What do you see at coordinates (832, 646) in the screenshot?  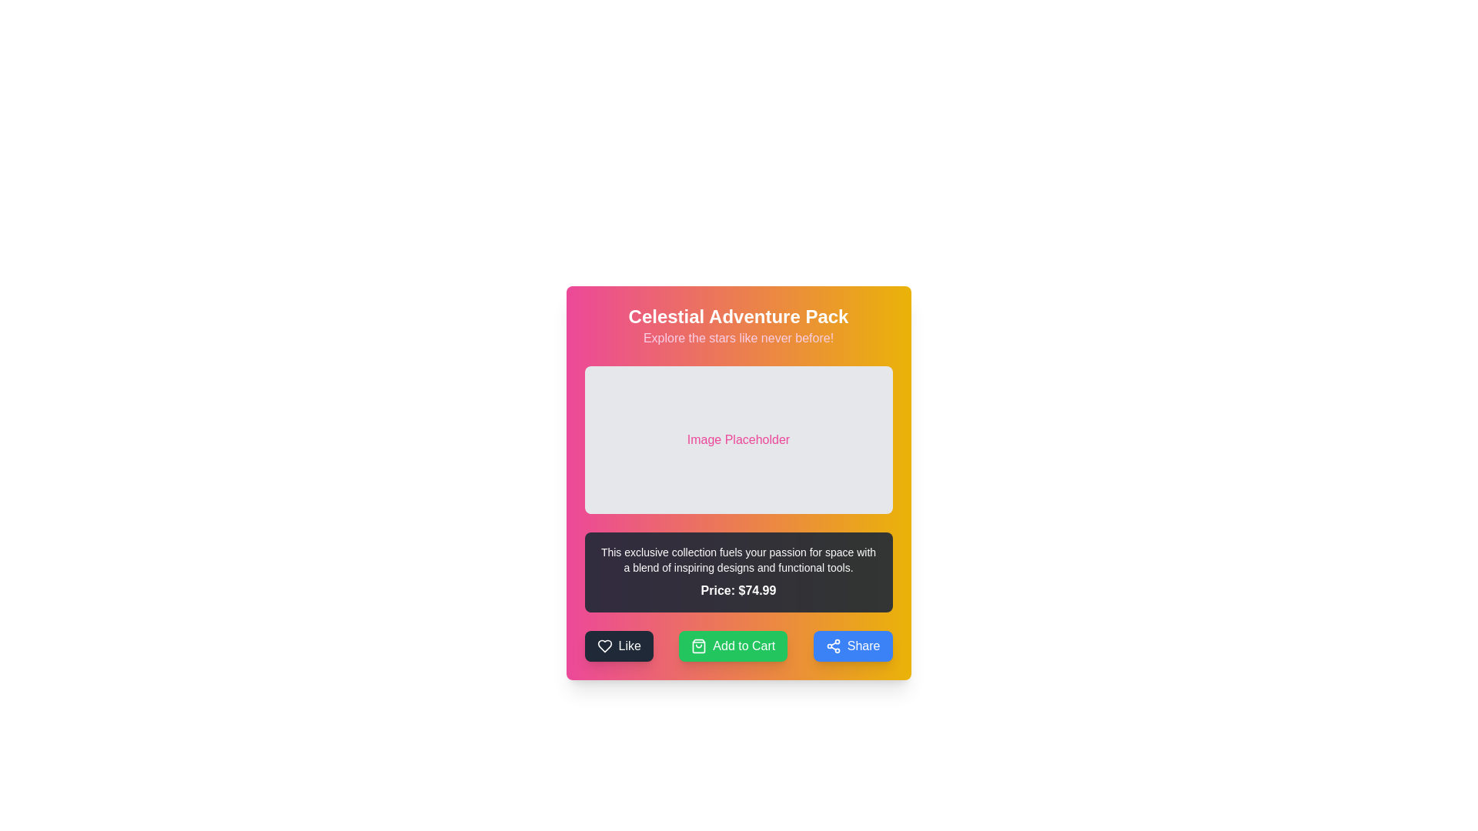 I see `the share icon on the blue 'Share' button located at the right end of the button row at the bottom of the card for more options` at bounding box center [832, 646].